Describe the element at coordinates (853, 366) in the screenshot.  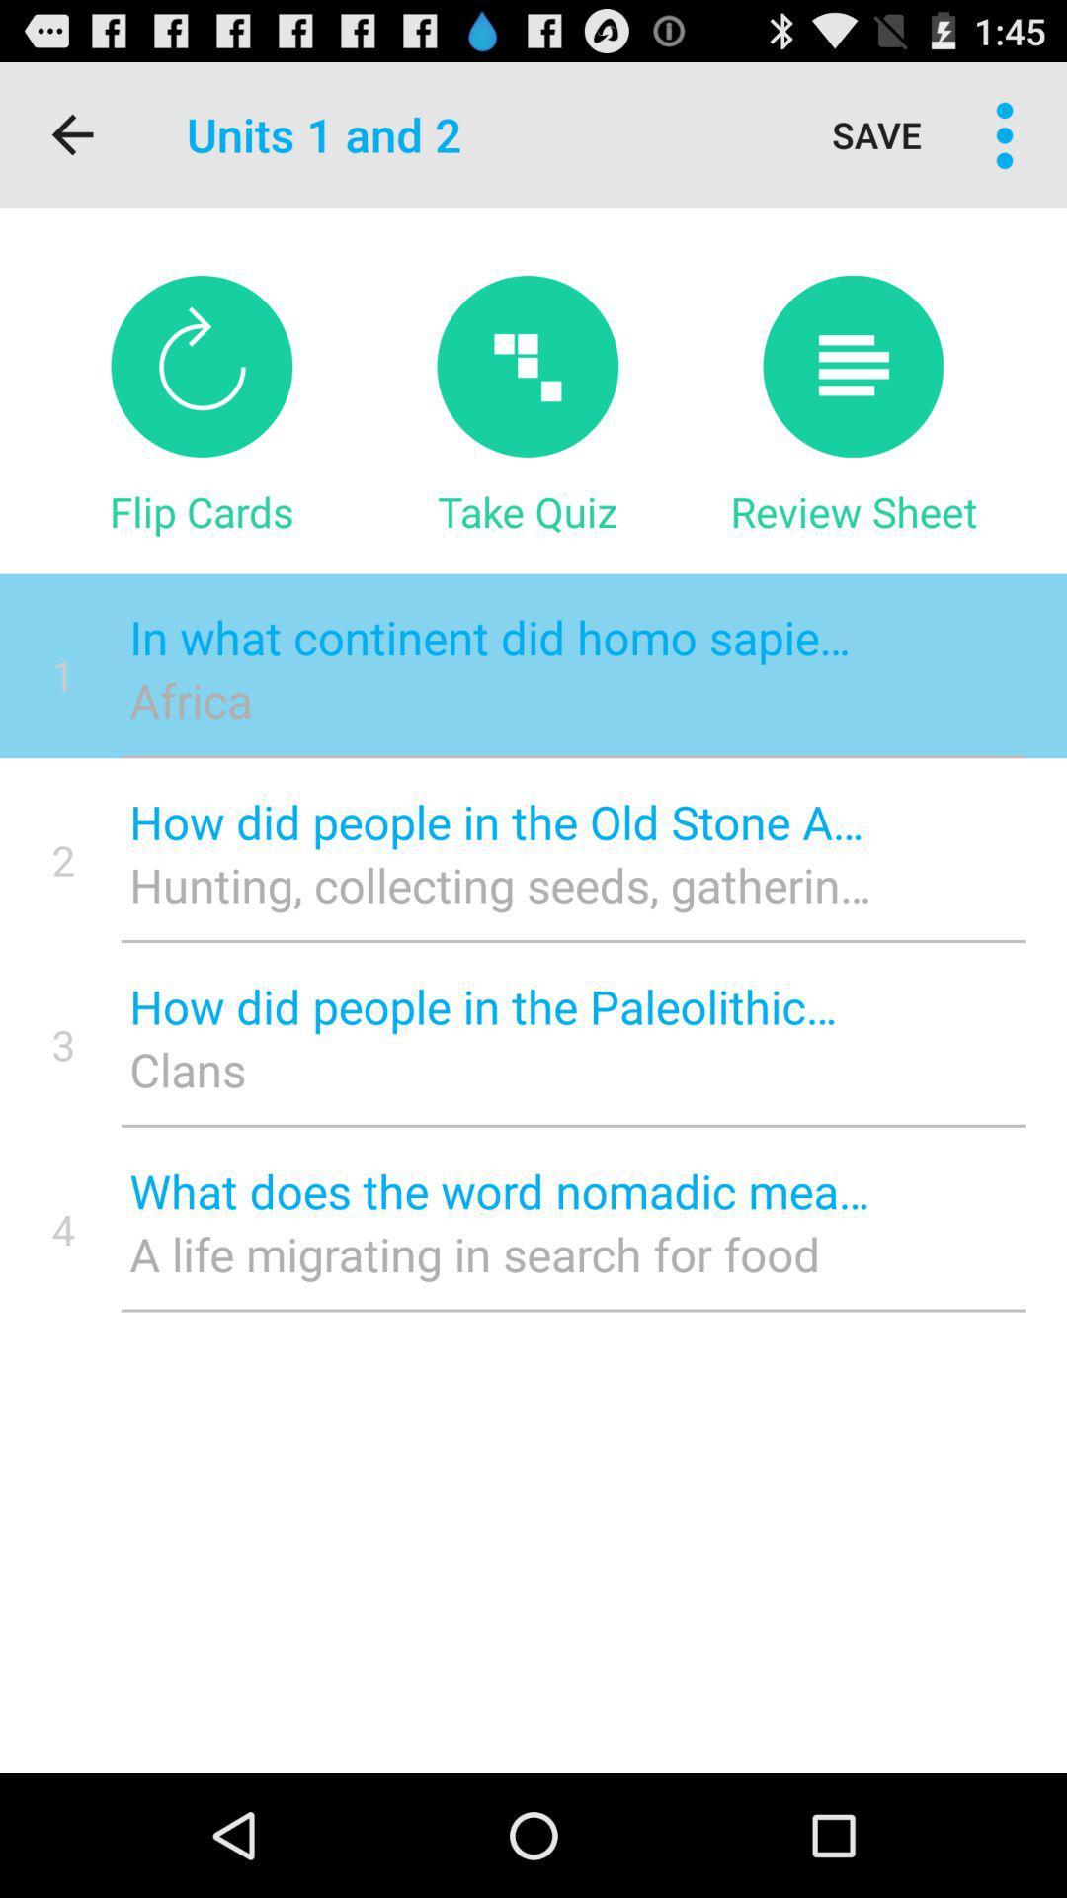
I see `button to review sheet` at that location.